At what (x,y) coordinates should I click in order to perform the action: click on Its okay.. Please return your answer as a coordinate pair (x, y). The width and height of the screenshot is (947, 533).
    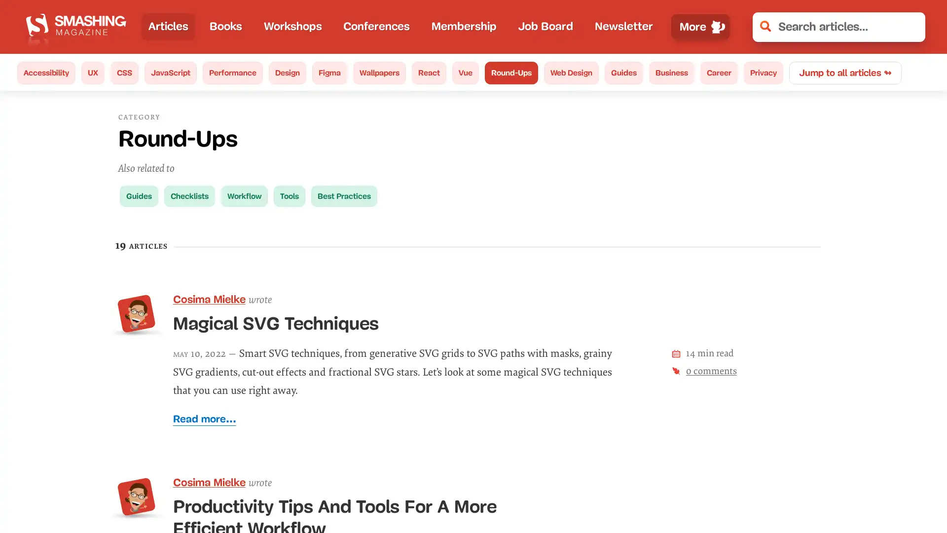
    Looking at the image, I should click on (872, 493).